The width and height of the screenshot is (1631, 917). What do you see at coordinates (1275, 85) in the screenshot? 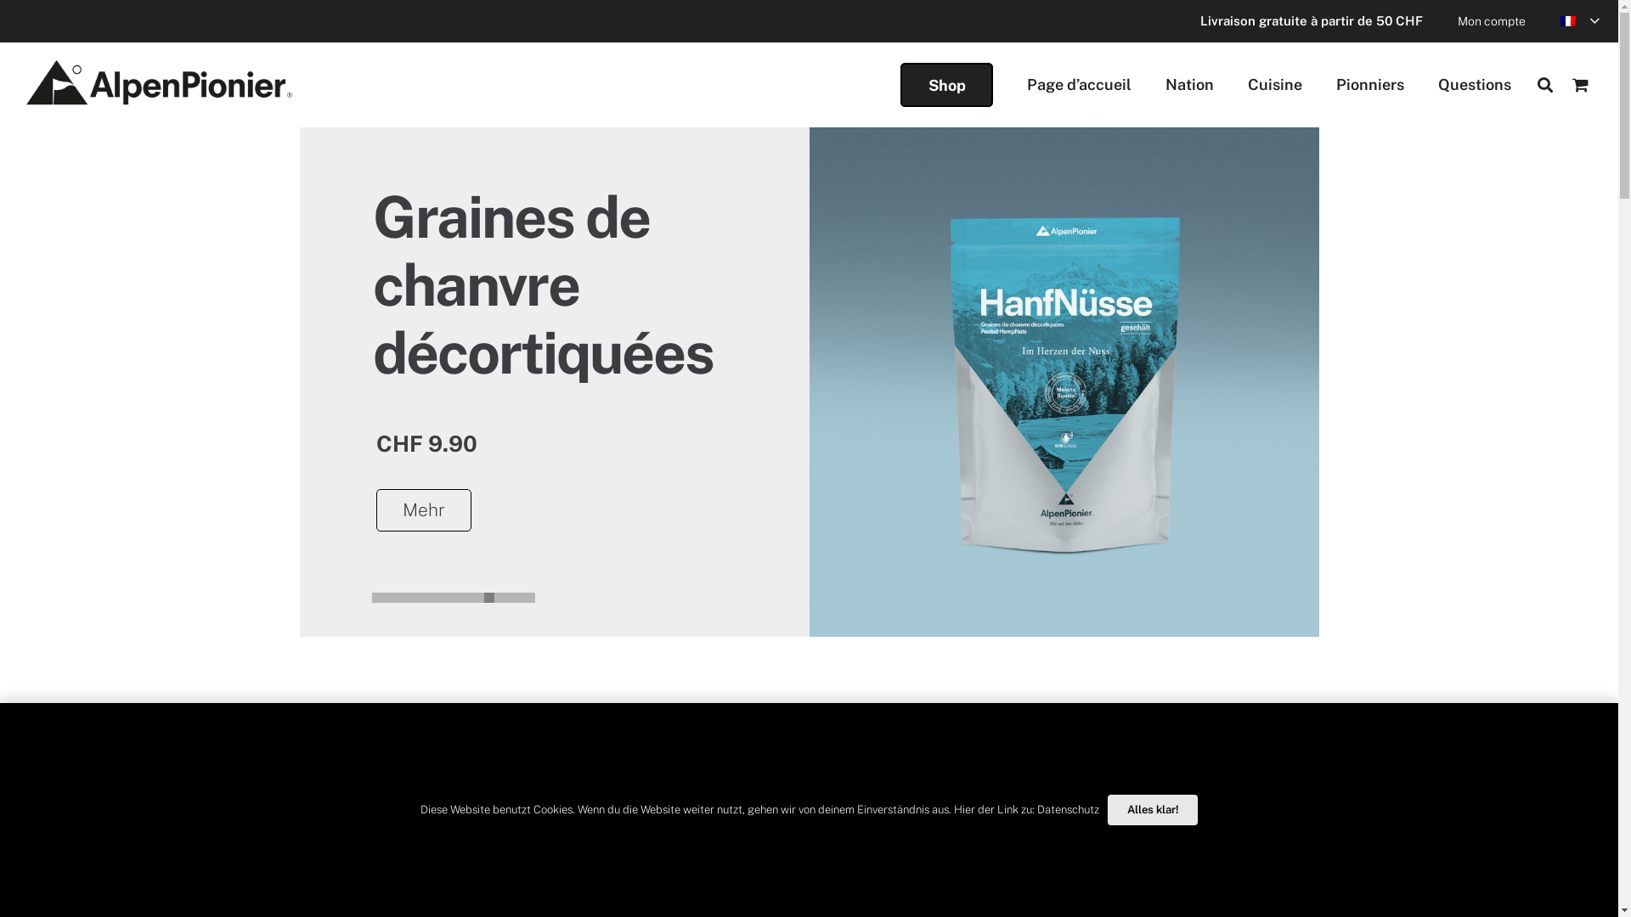
I see `'Cuisine'` at bounding box center [1275, 85].